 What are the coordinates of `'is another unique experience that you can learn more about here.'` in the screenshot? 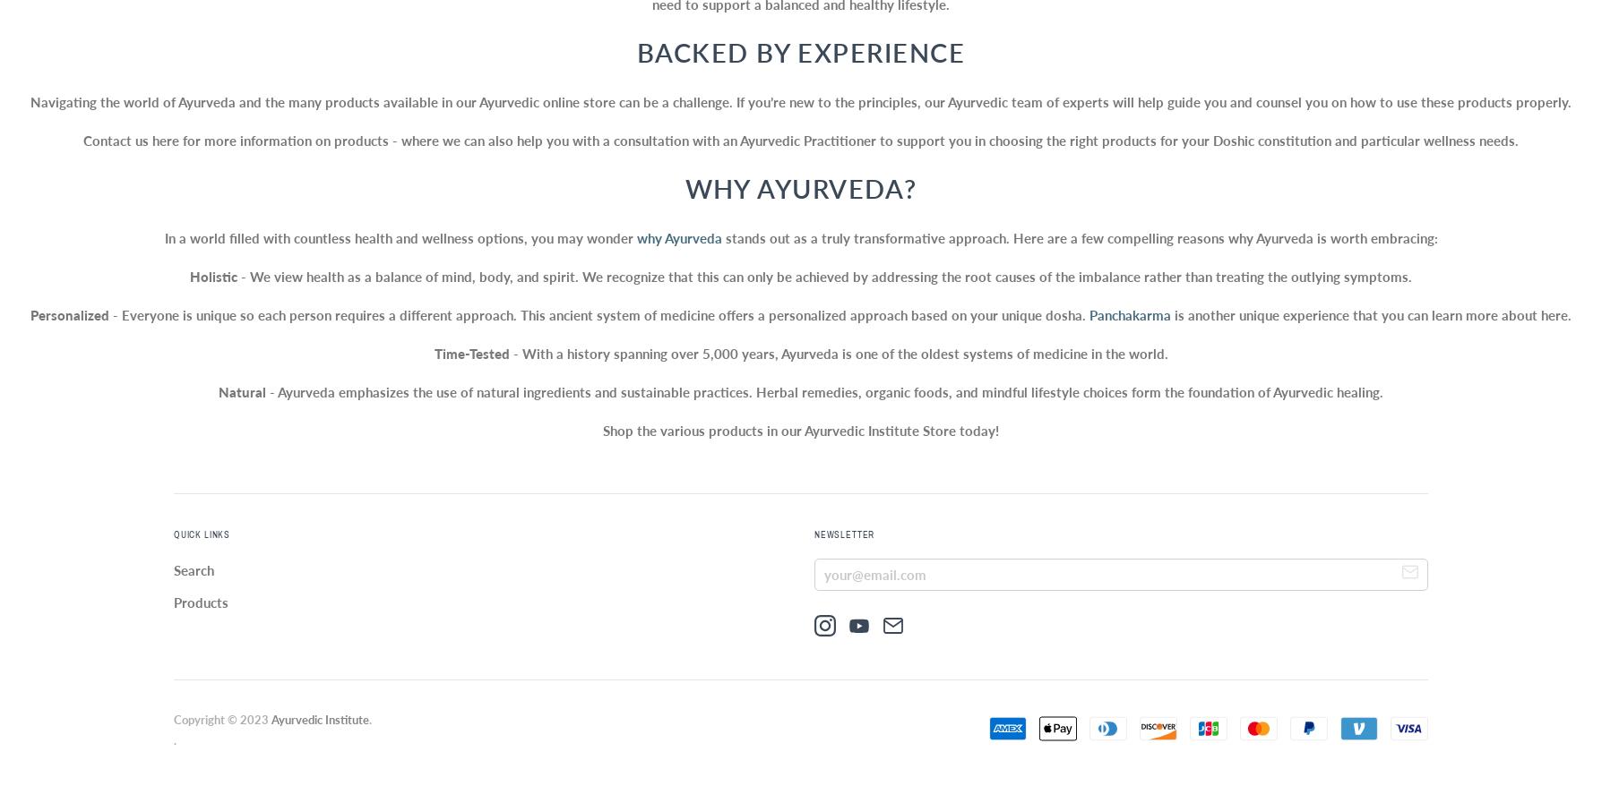 It's located at (1170, 314).